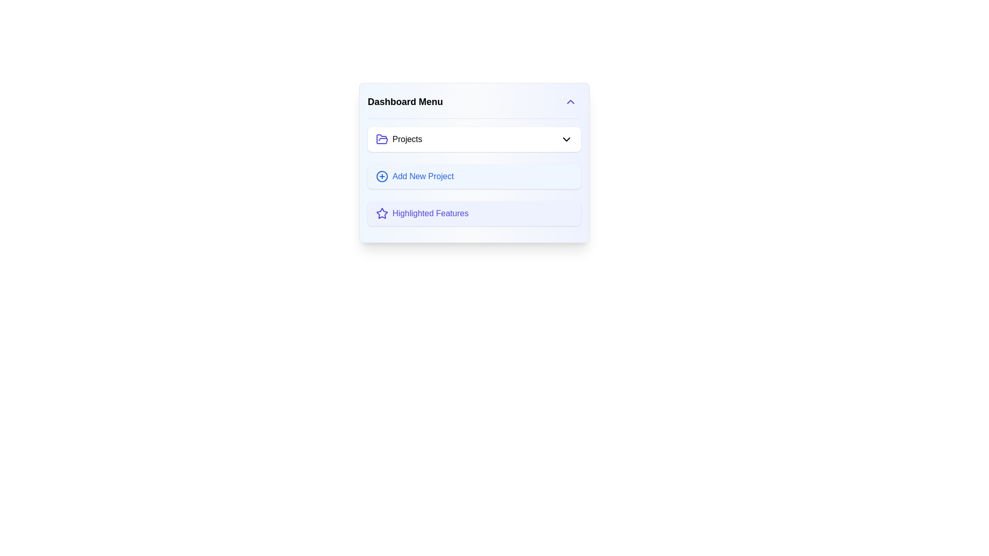 This screenshot has width=989, height=556. I want to click on the Chevron icon located at the far right of the 'Projects' row in the Dashboard Menu, so click(566, 139).